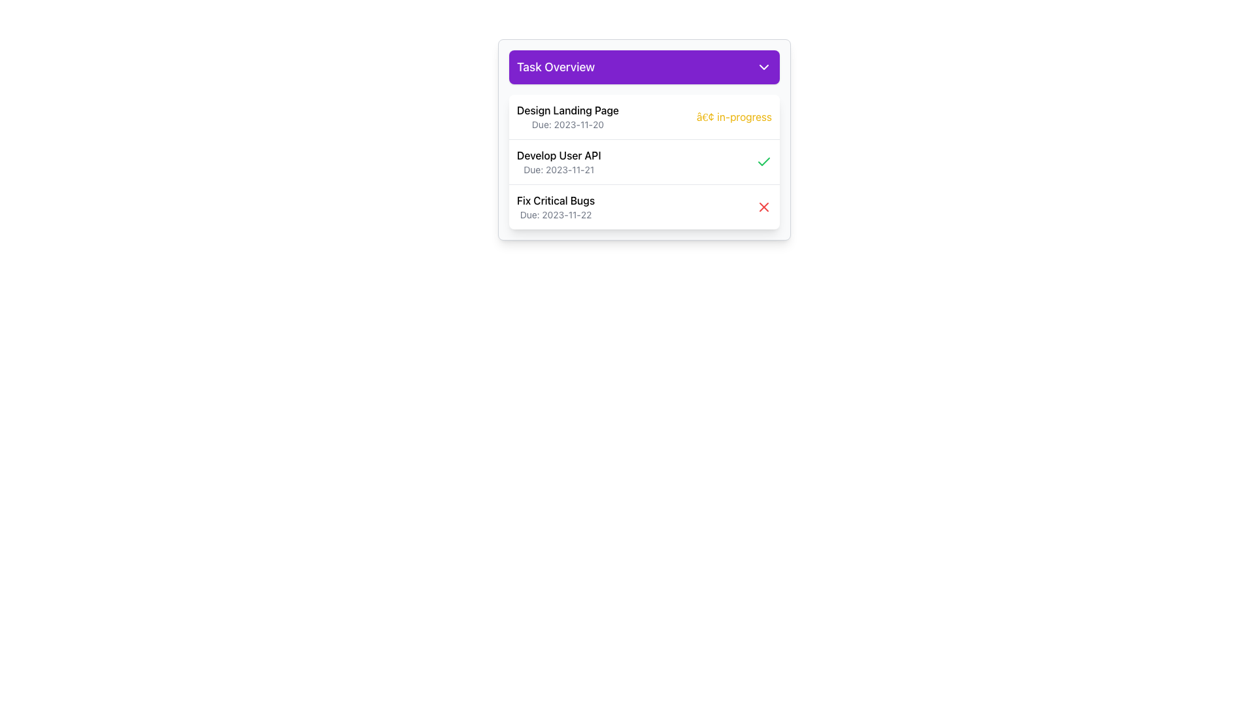 The height and width of the screenshot is (706, 1255). What do you see at coordinates (556, 214) in the screenshot?
I see `deadline information from the text label displaying 'Due: 2023-11-22' located in the 'Fix Critical Bugs' section of the Task Overview panel` at bounding box center [556, 214].